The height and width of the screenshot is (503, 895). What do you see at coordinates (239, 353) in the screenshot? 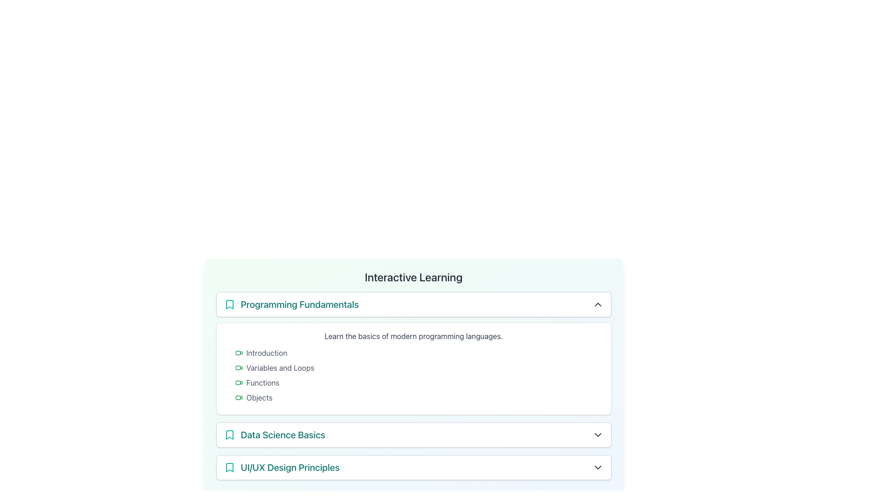
I see `the small, green video icon with a rounded border located to the immediate left of the 'Introduction' text in the 'Programming Fundamentals' section` at bounding box center [239, 353].